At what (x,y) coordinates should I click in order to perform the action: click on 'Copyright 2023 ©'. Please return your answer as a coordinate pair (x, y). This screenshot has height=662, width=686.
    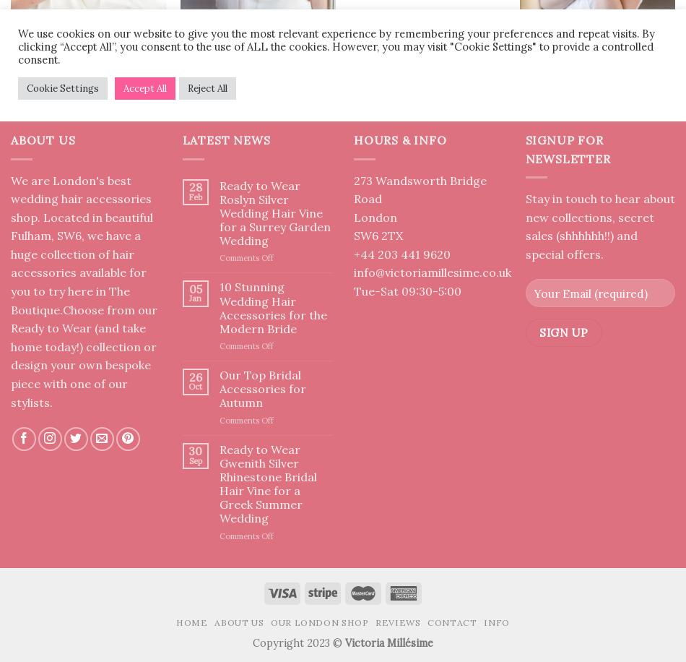
    Looking at the image, I should click on (251, 642).